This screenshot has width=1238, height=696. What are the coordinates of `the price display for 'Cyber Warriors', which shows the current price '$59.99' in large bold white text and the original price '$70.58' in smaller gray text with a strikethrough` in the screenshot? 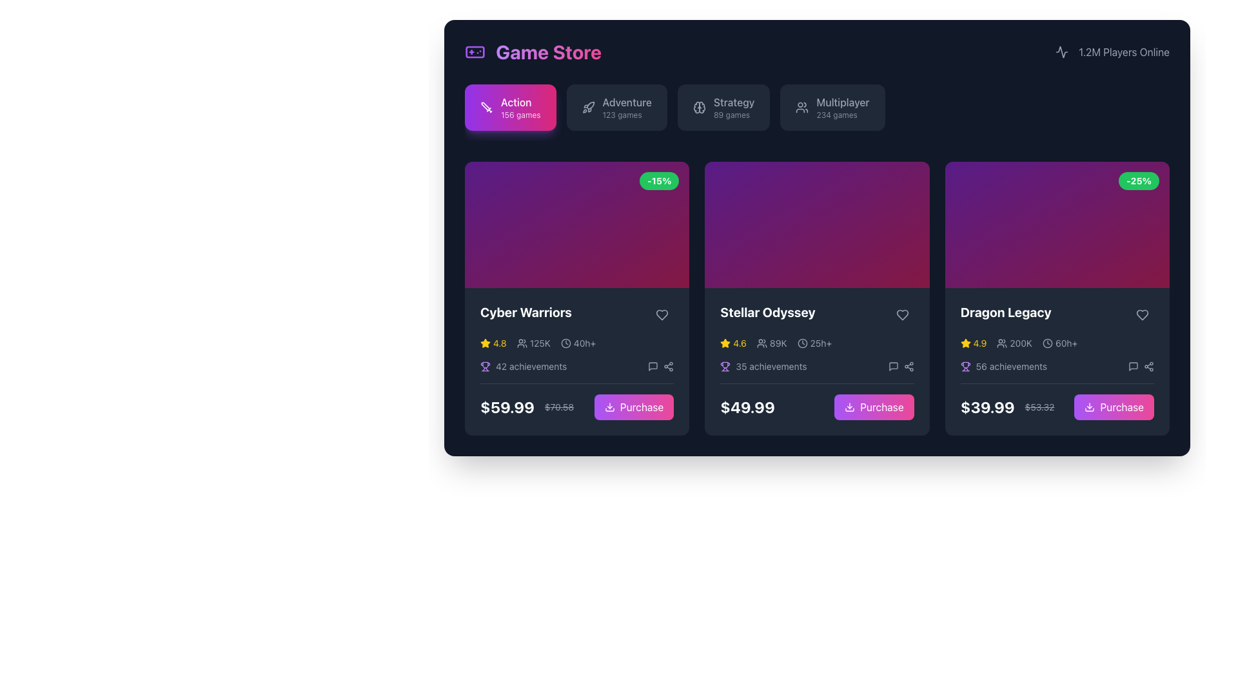 It's located at (527, 407).